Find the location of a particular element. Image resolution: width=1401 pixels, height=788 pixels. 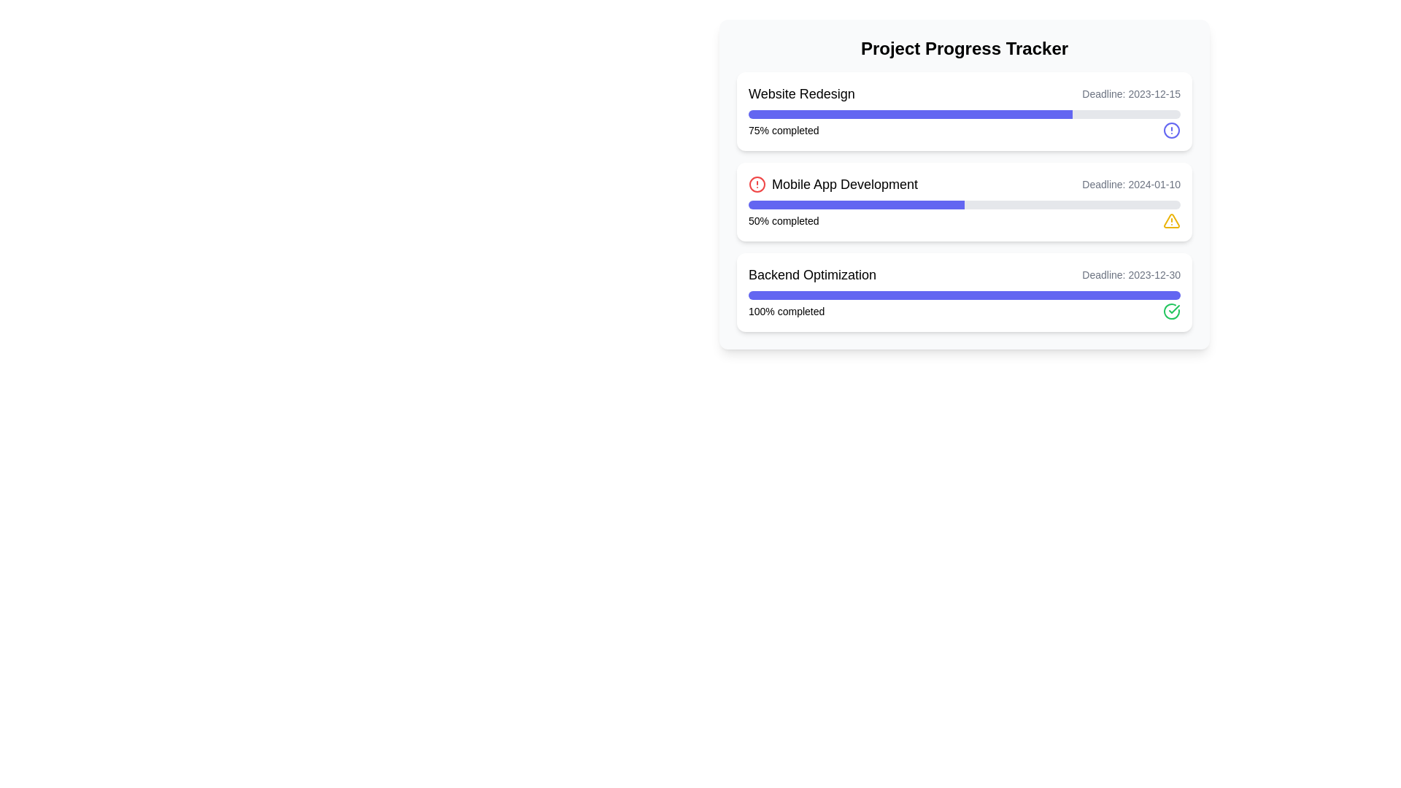

the static text label indicating the deadline for the 'Backend Optimization' project, located on the right side of the 'Backend Optimization' card in the 'Project Progress Tracker' is located at coordinates (1130, 275).